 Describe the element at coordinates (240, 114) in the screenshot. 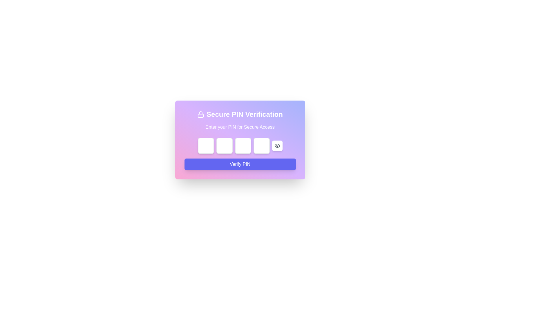

I see `the title or heading for the UI section dedicated to PIN verification, which is located in the first row above the prompt 'Enter your PIN for Secure Access'` at that location.